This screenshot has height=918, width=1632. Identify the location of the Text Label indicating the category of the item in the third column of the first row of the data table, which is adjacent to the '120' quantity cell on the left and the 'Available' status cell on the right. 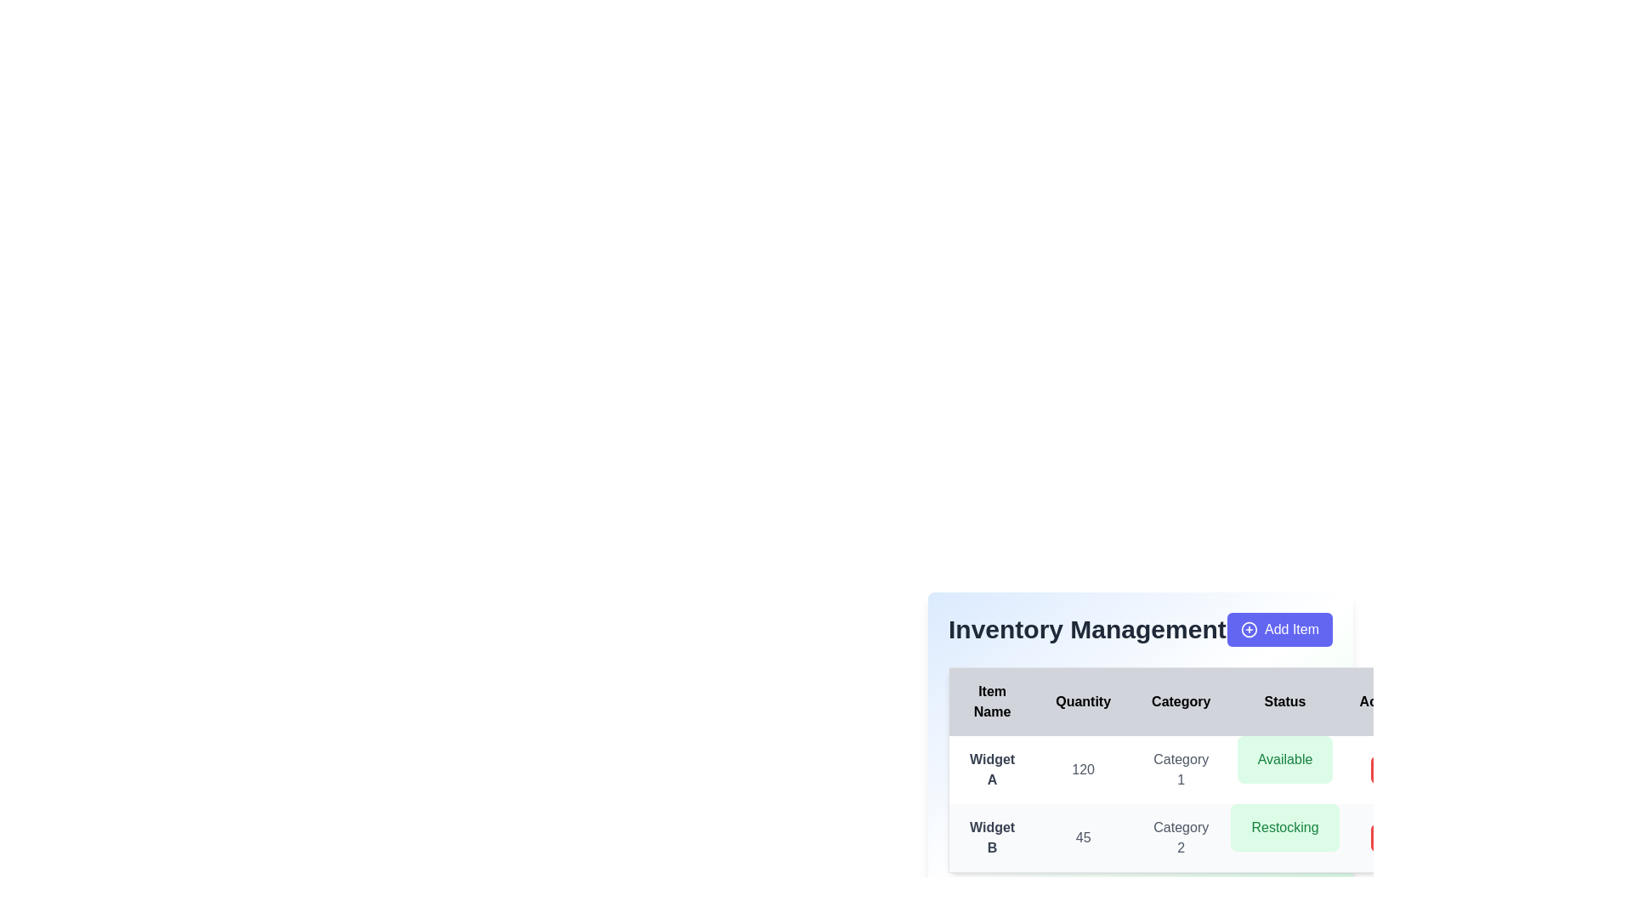
(1180, 770).